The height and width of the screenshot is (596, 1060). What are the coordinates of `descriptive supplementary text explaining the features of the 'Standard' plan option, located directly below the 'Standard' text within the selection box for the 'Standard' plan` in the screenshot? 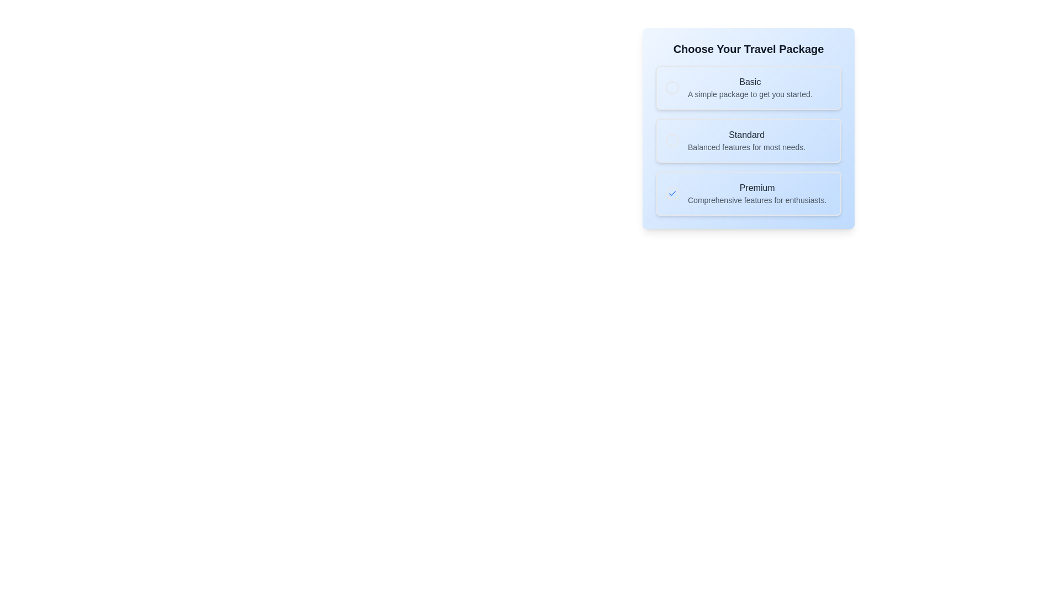 It's located at (746, 146).